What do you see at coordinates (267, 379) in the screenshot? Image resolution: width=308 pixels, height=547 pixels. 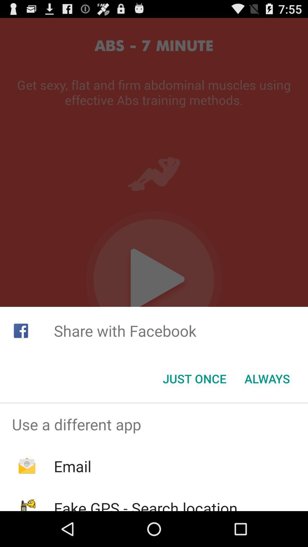 I see `the button to the right of the just once` at bounding box center [267, 379].